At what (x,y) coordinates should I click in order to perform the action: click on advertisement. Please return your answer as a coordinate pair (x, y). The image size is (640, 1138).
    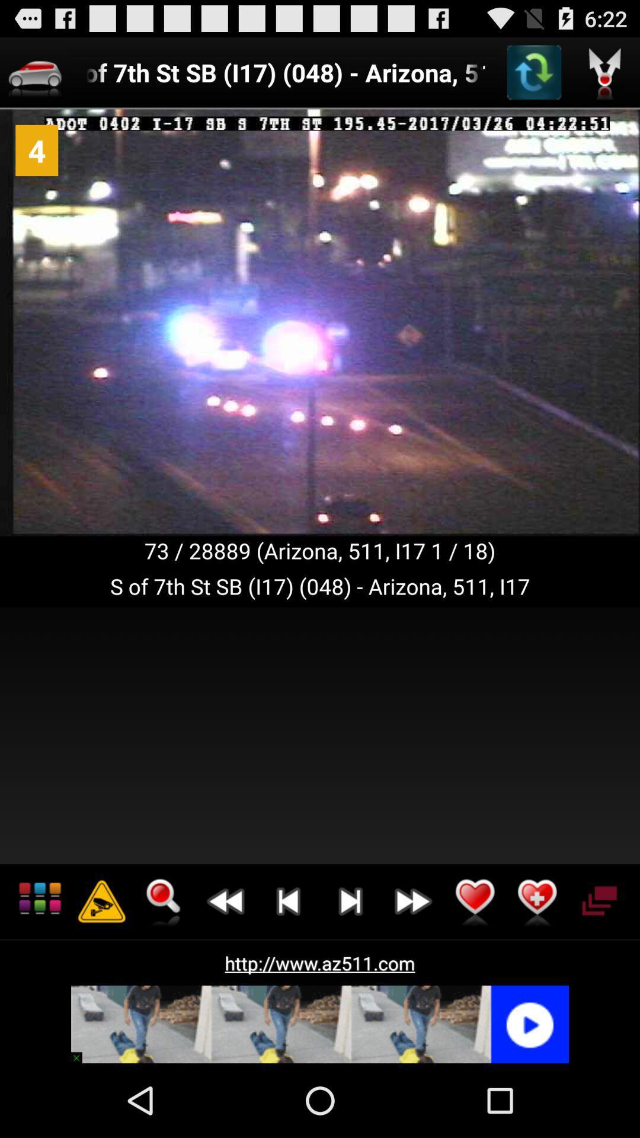
    Looking at the image, I should click on (320, 1024).